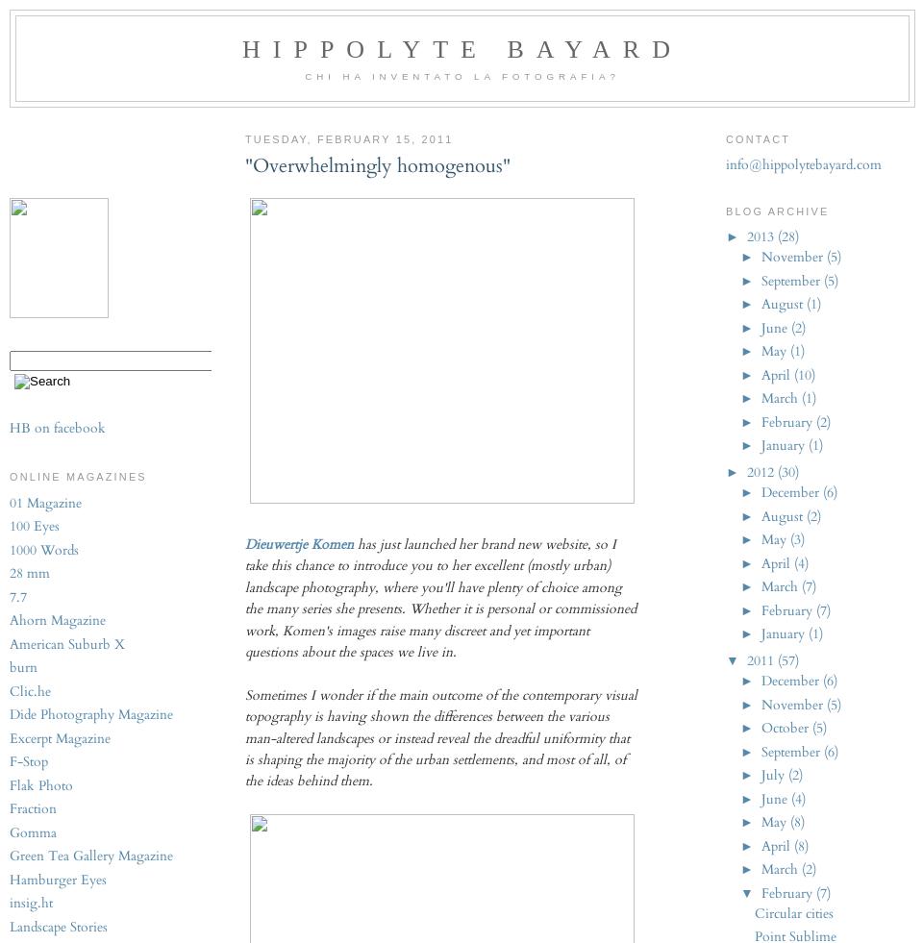 The height and width of the screenshot is (943, 923). I want to click on 'Clic.he', so click(8, 690).